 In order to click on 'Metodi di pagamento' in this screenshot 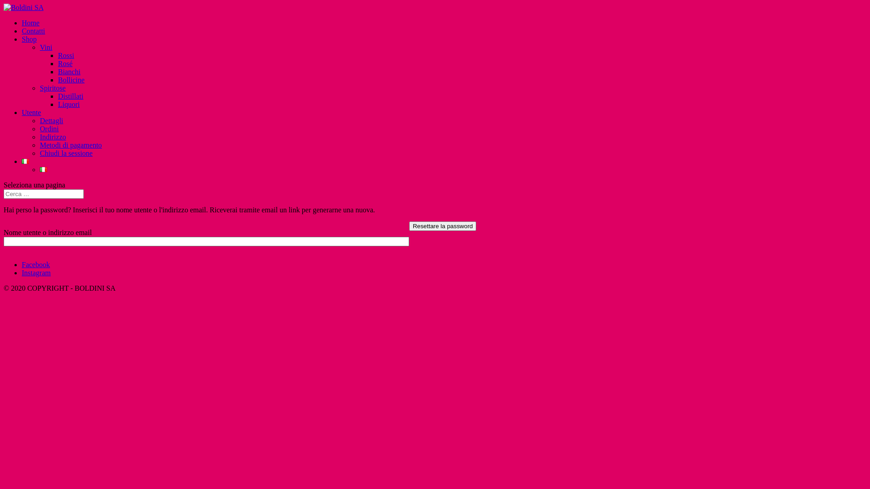, I will do `click(39, 144)`.